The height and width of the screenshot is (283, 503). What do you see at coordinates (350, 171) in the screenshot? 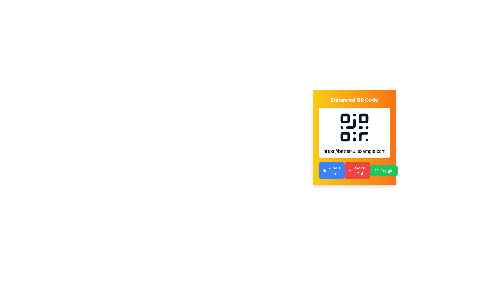
I see `the 'Zoom Out' icon located centrally below the QR code interface` at bounding box center [350, 171].